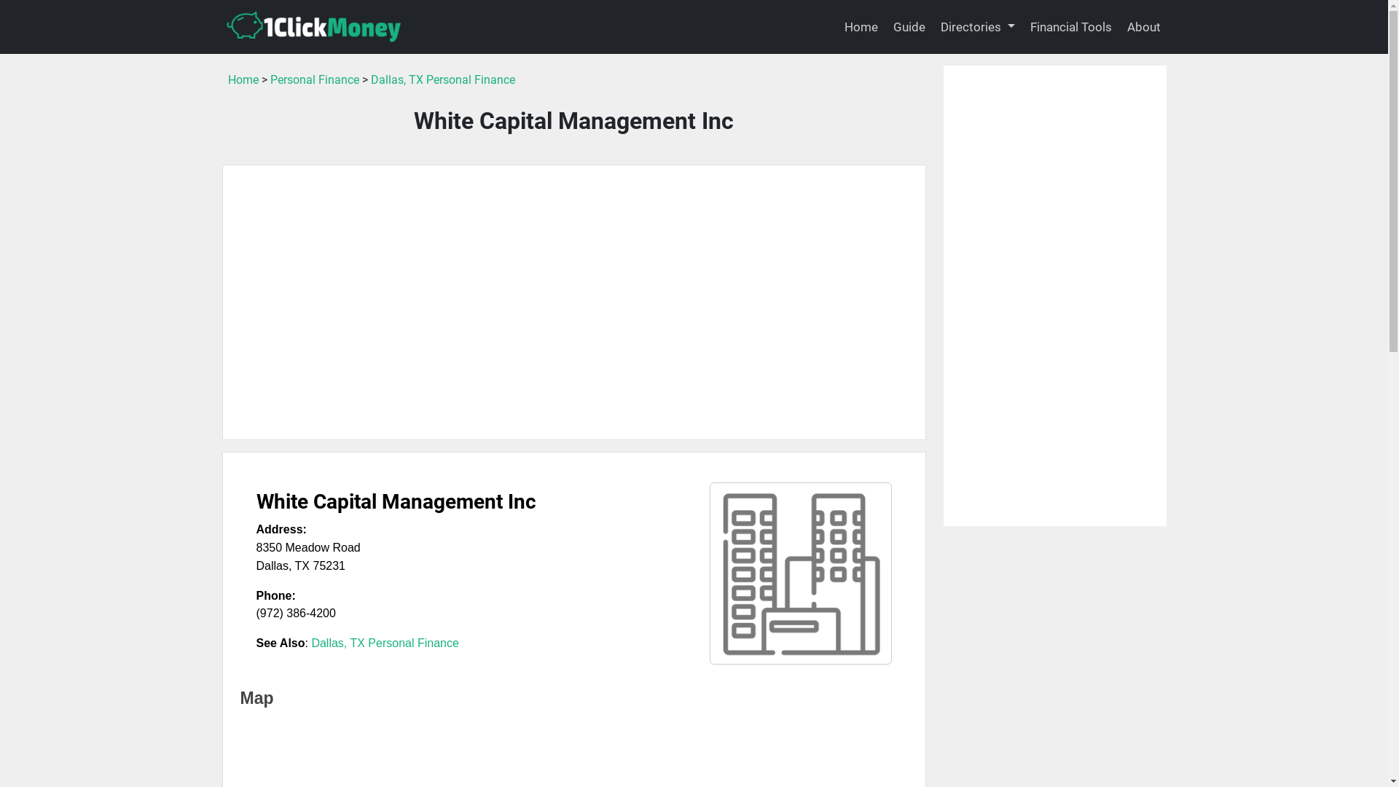 This screenshot has width=1399, height=787. I want to click on 'Home', so click(861, 27).